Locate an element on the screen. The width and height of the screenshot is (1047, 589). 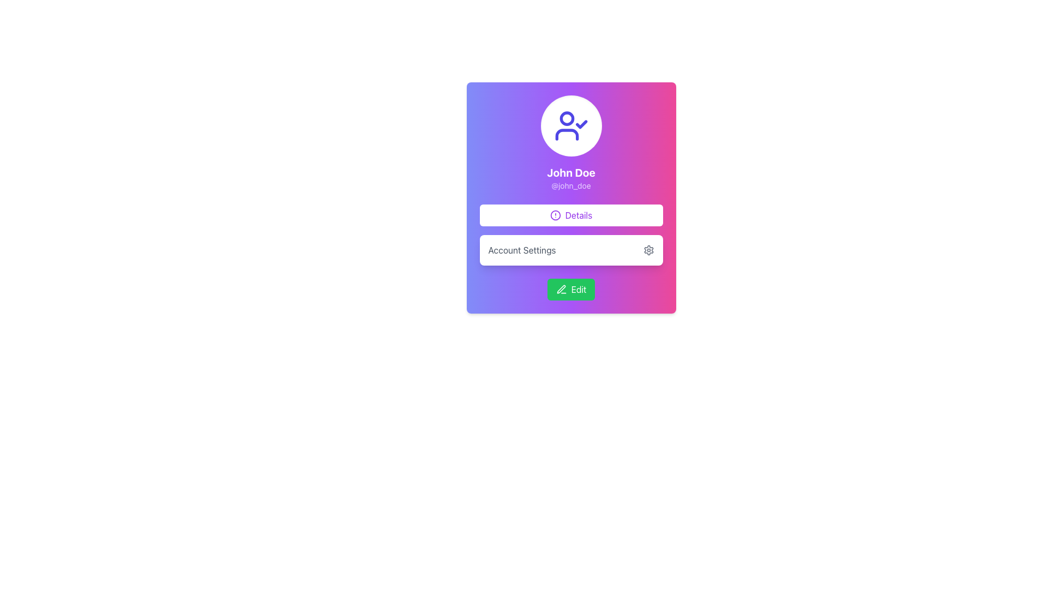
the 'Edit' button located at the bottom-center of the card layout is located at coordinates (570, 289).